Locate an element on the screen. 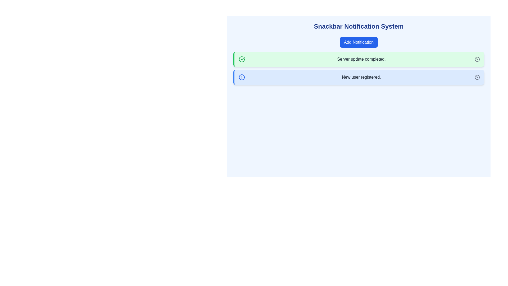 This screenshot has width=508, height=286. the close button of the notification labeled 'Server update completed.' is located at coordinates (477, 59).